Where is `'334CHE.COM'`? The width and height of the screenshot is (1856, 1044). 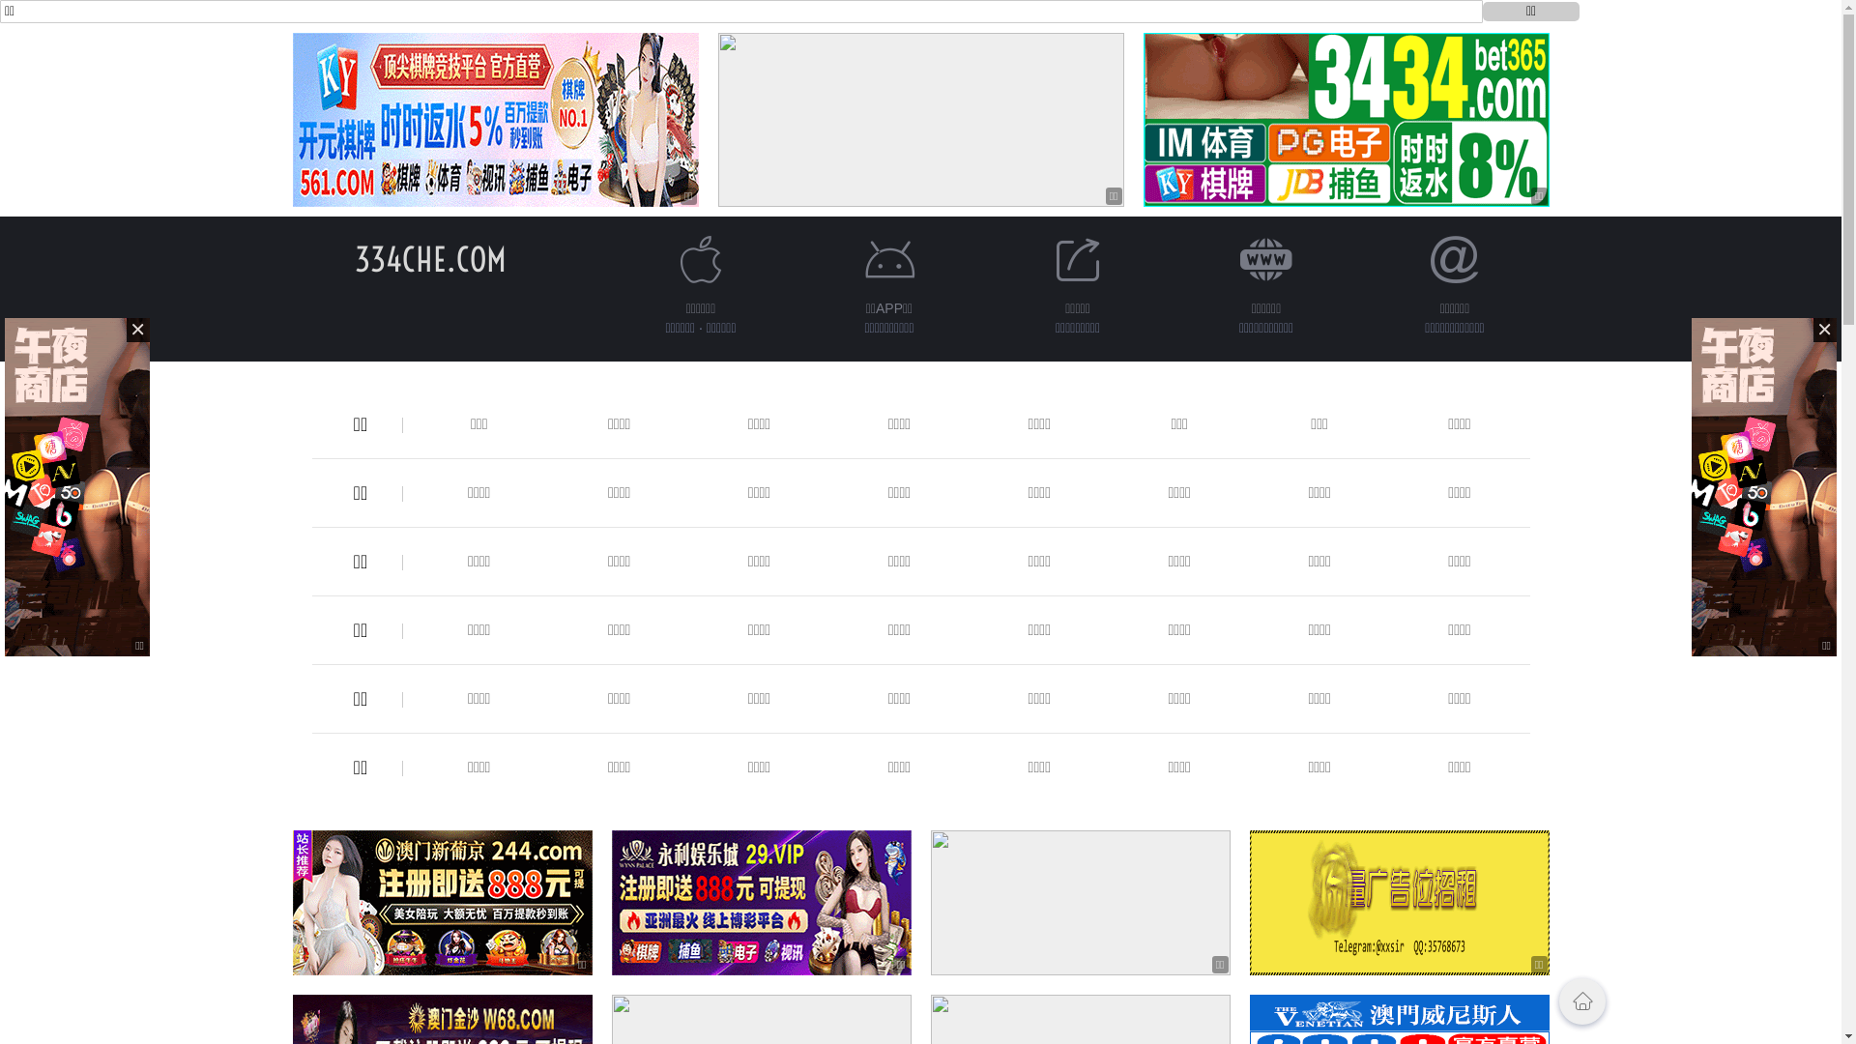 '334CHE.COM' is located at coordinates (429, 258).